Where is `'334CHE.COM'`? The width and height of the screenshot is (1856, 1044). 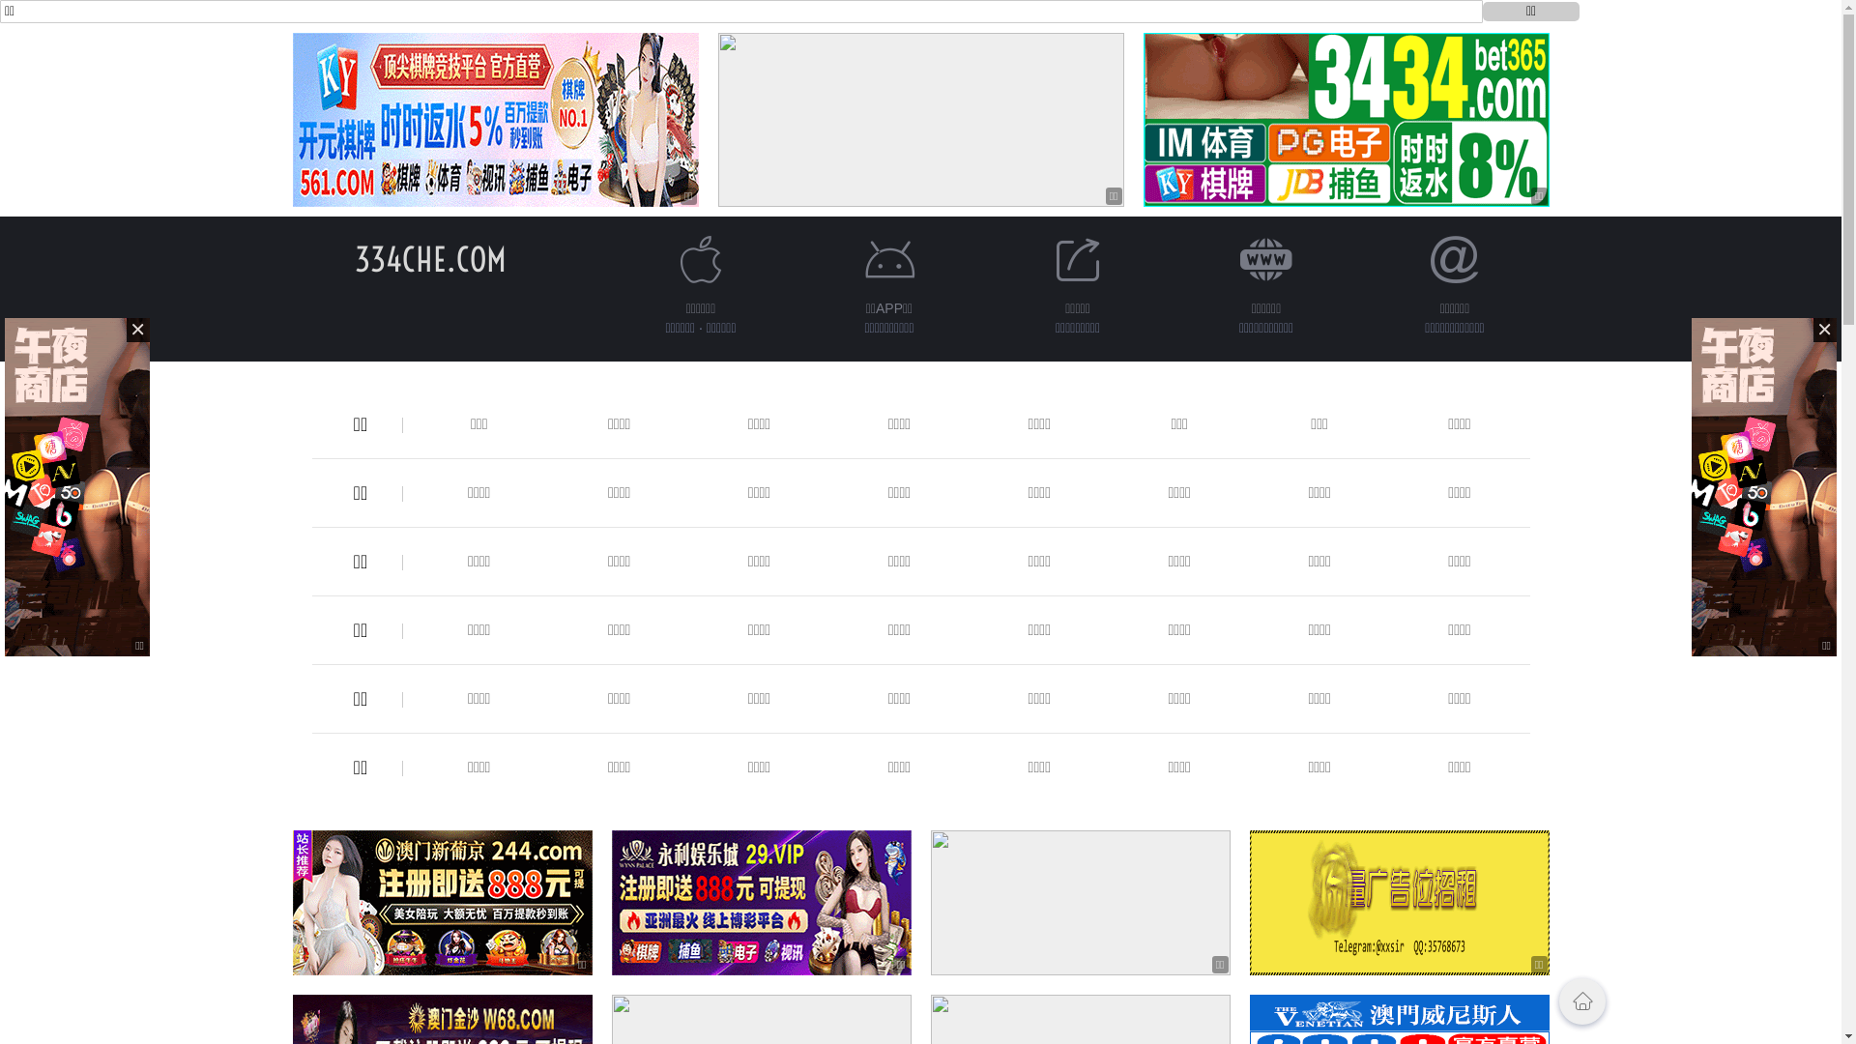 '334CHE.COM' is located at coordinates (429, 258).